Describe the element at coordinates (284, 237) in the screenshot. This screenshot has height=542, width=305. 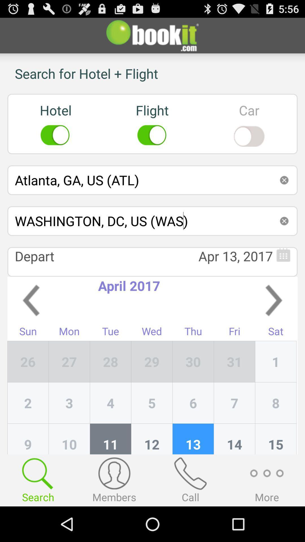
I see `the close icon` at that location.